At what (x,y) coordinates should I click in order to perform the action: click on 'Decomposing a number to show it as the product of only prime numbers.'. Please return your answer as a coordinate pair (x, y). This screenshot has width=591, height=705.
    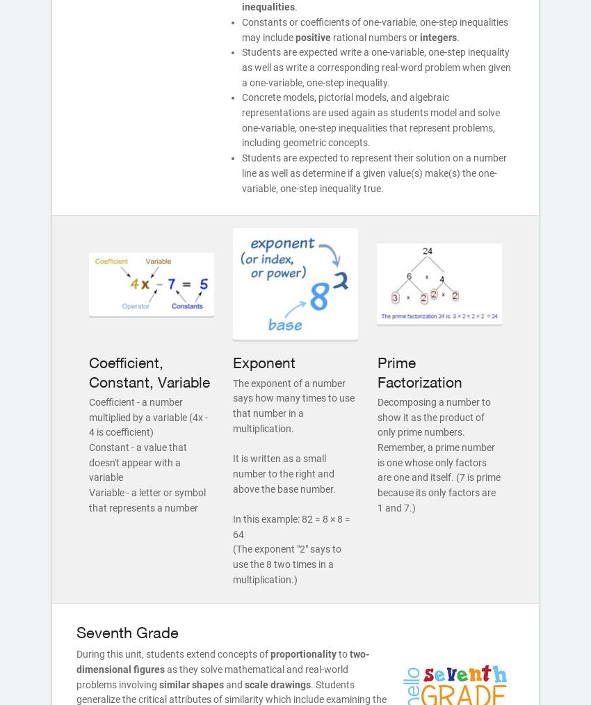
    Looking at the image, I should click on (432, 417).